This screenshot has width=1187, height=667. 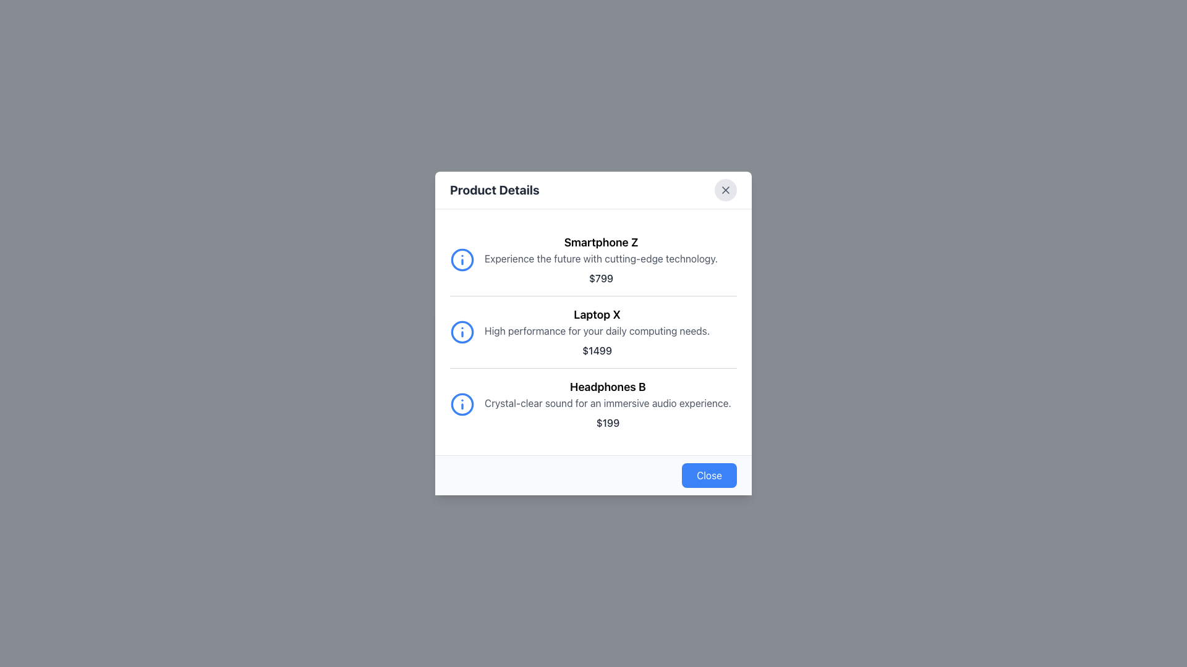 I want to click on the circular section of the info icon for 'Laptop X' located in the informational section, which provides visual cues about the product, so click(x=462, y=331).